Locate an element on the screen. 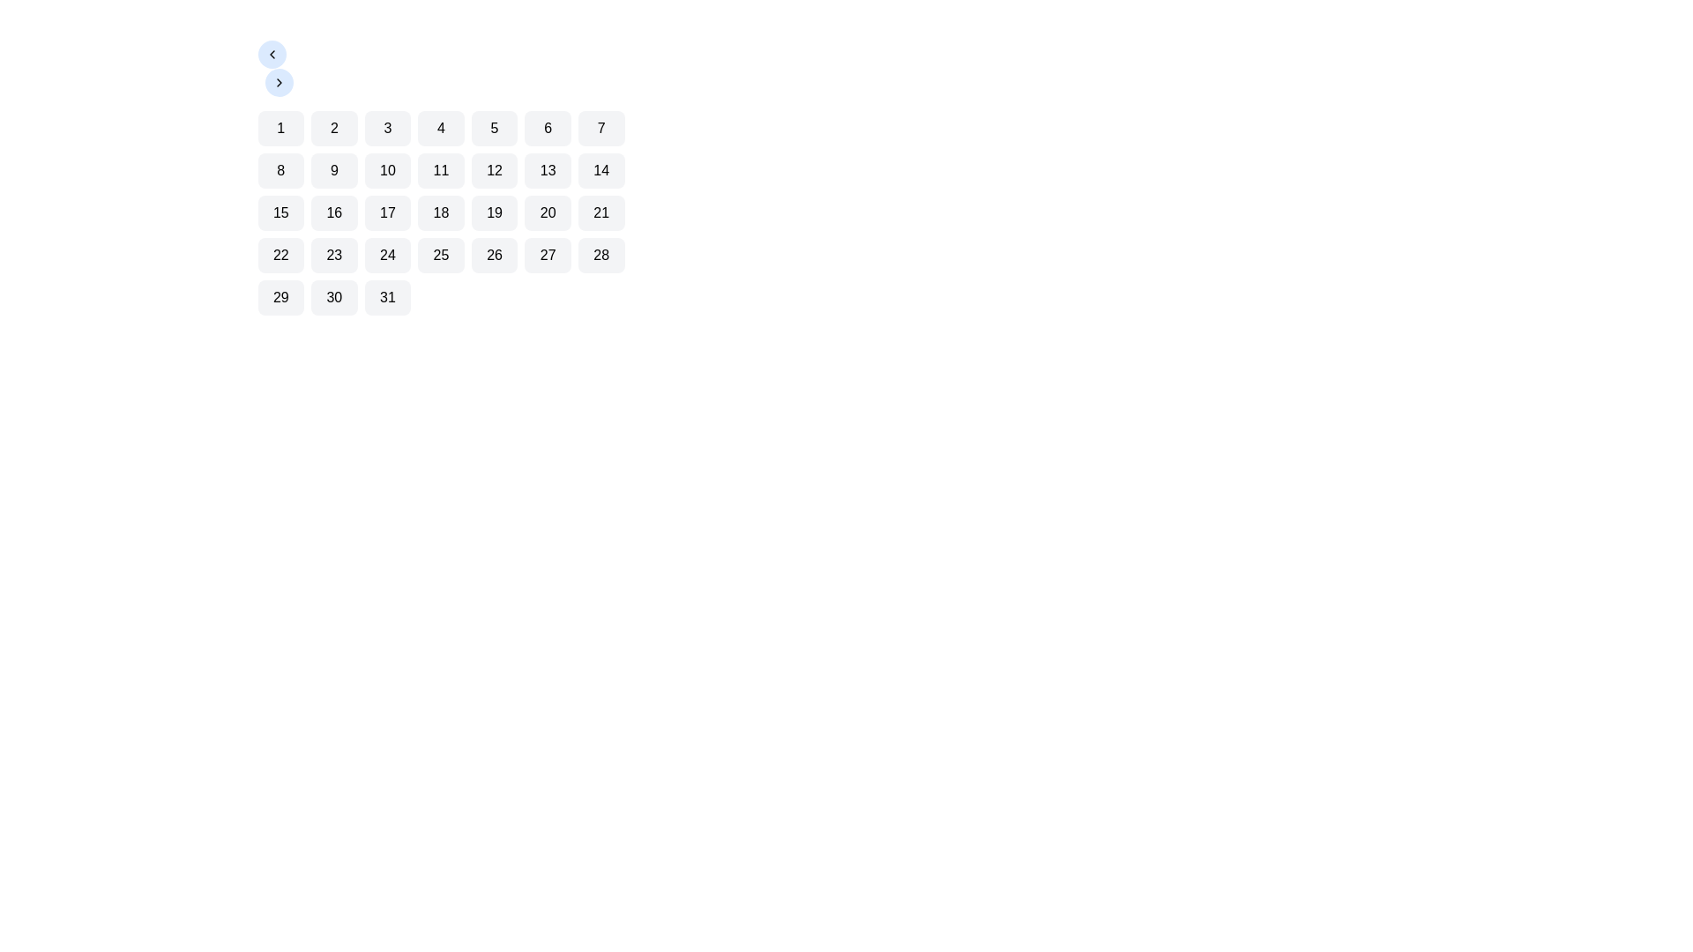 This screenshot has height=952, width=1693. the square-shaped button displaying the number '29' with a light gray background and rounded corners is located at coordinates (280, 297).